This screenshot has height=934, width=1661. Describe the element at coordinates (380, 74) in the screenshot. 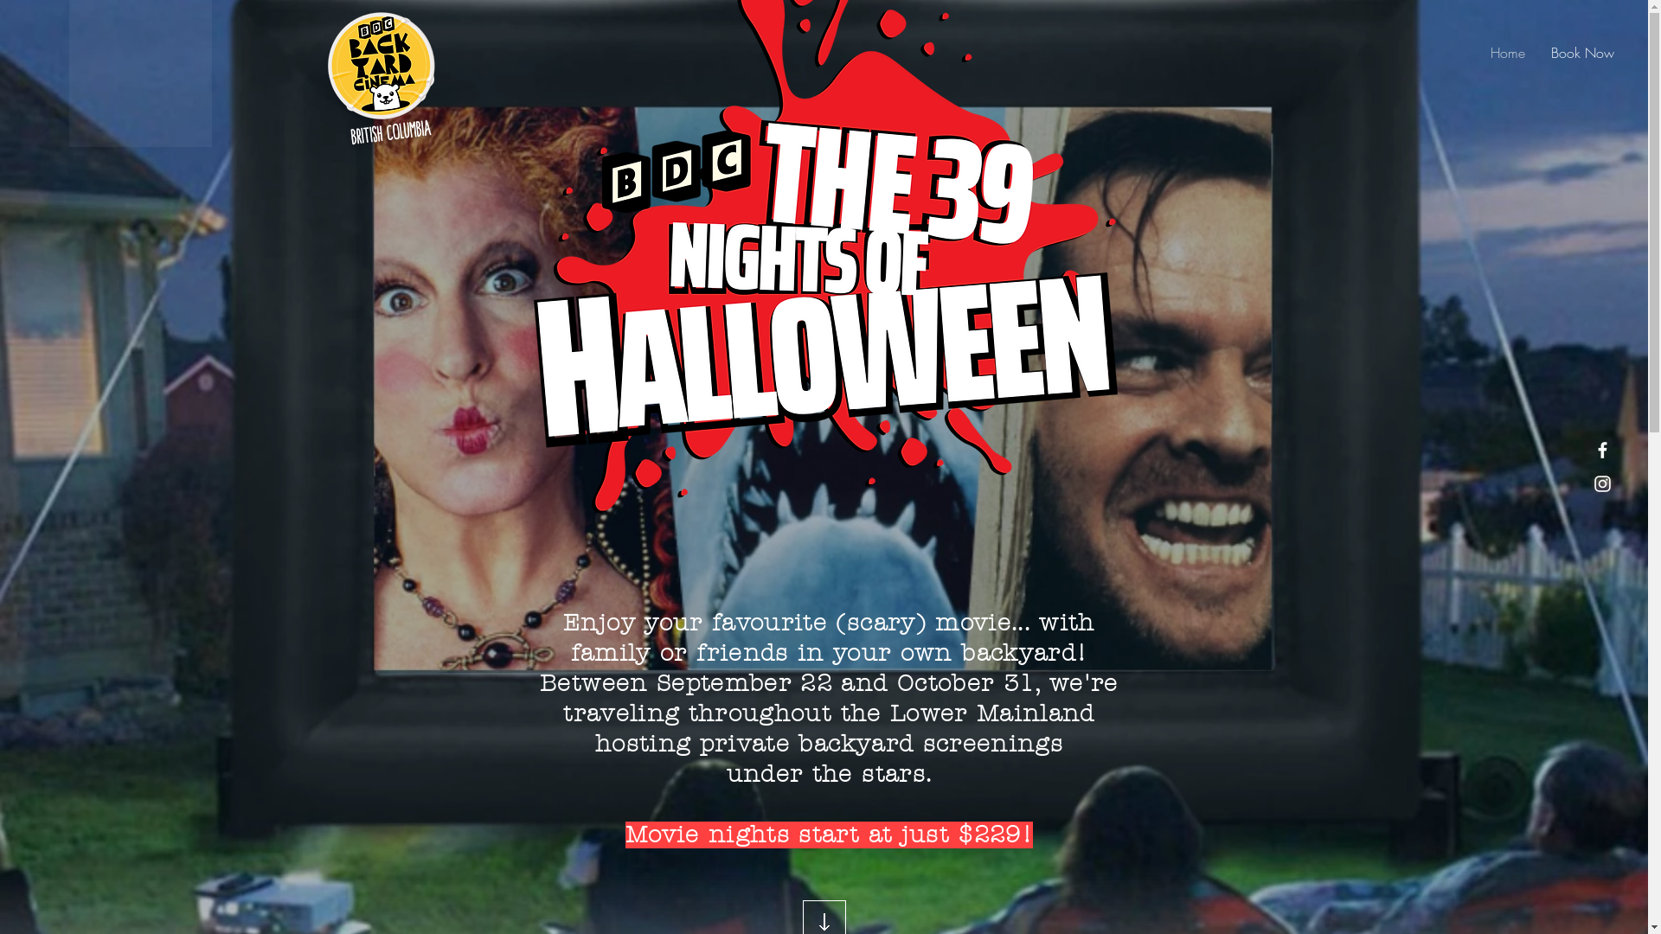

I see `'BACKYARD CINEMA LOGO 2020 (2).png'` at that location.